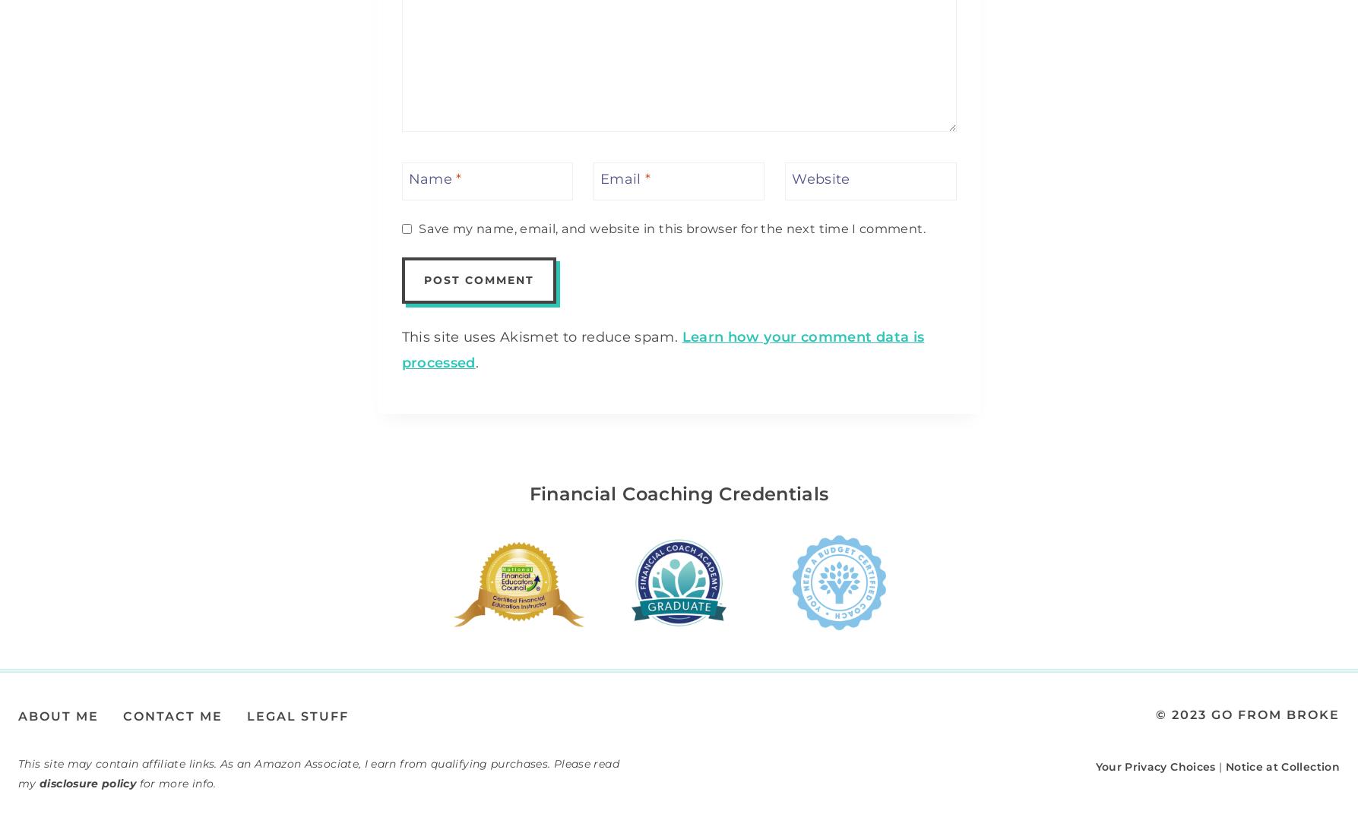  What do you see at coordinates (672, 227) in the screenshot?
I see `'Save my name, email, and website in this browser for the next time I comment.'` at bounding box center [672, 227].